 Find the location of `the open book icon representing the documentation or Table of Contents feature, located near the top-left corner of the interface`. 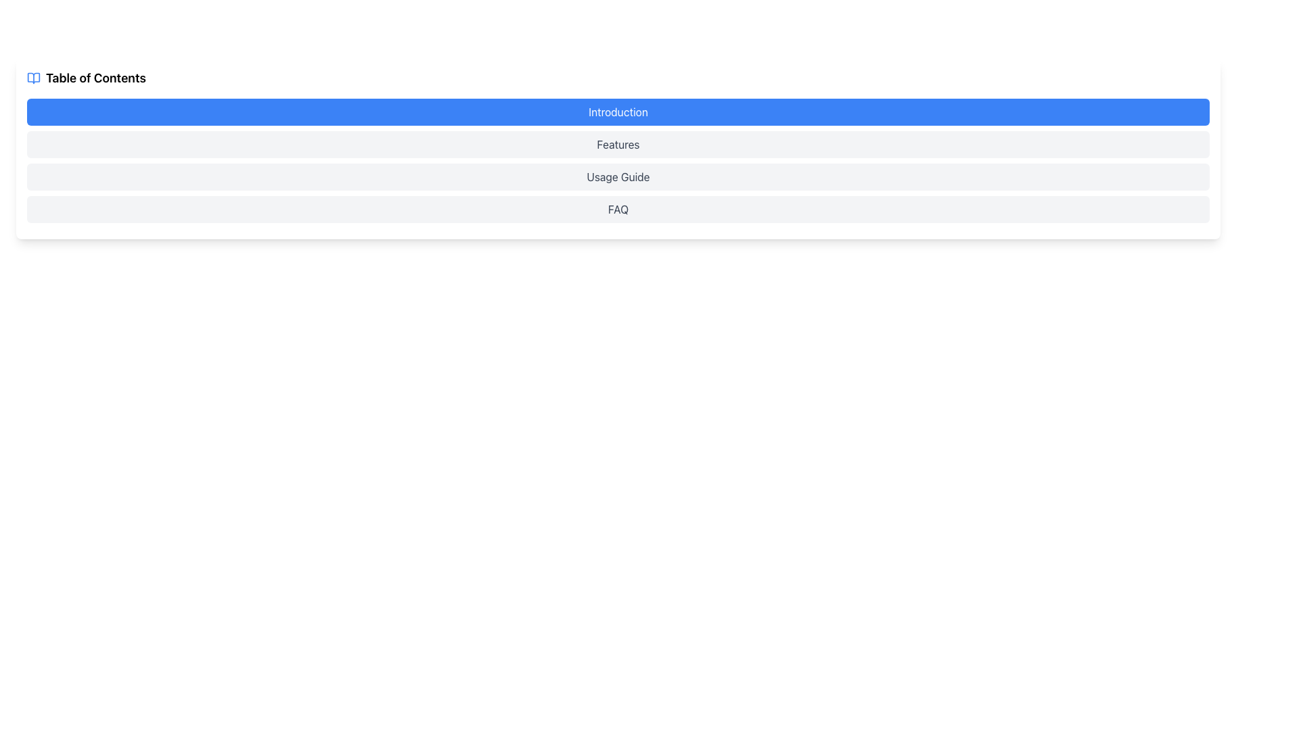

the open book icon representing the documentation or Table of Contents feature, located near the top-left corner of the interface is located at coordinates (33, 78).